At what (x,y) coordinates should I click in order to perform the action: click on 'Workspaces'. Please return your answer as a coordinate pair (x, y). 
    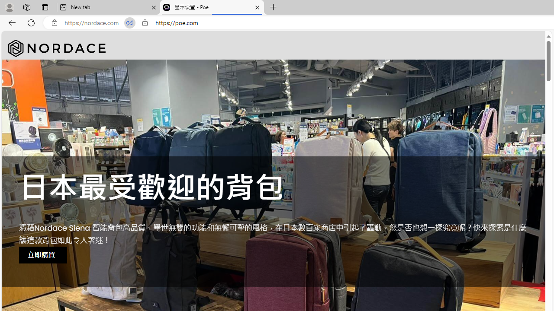
    Looking at the image, I should click on (26, 7).